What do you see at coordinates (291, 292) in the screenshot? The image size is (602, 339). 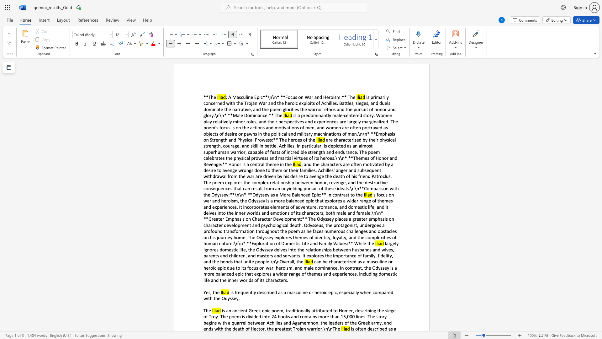 I see `the subset text "asculine o" within the text "is frequently described as a masculine or heroic epic, especially when compared with the Odyssey."` at bounding box center [291, 292].